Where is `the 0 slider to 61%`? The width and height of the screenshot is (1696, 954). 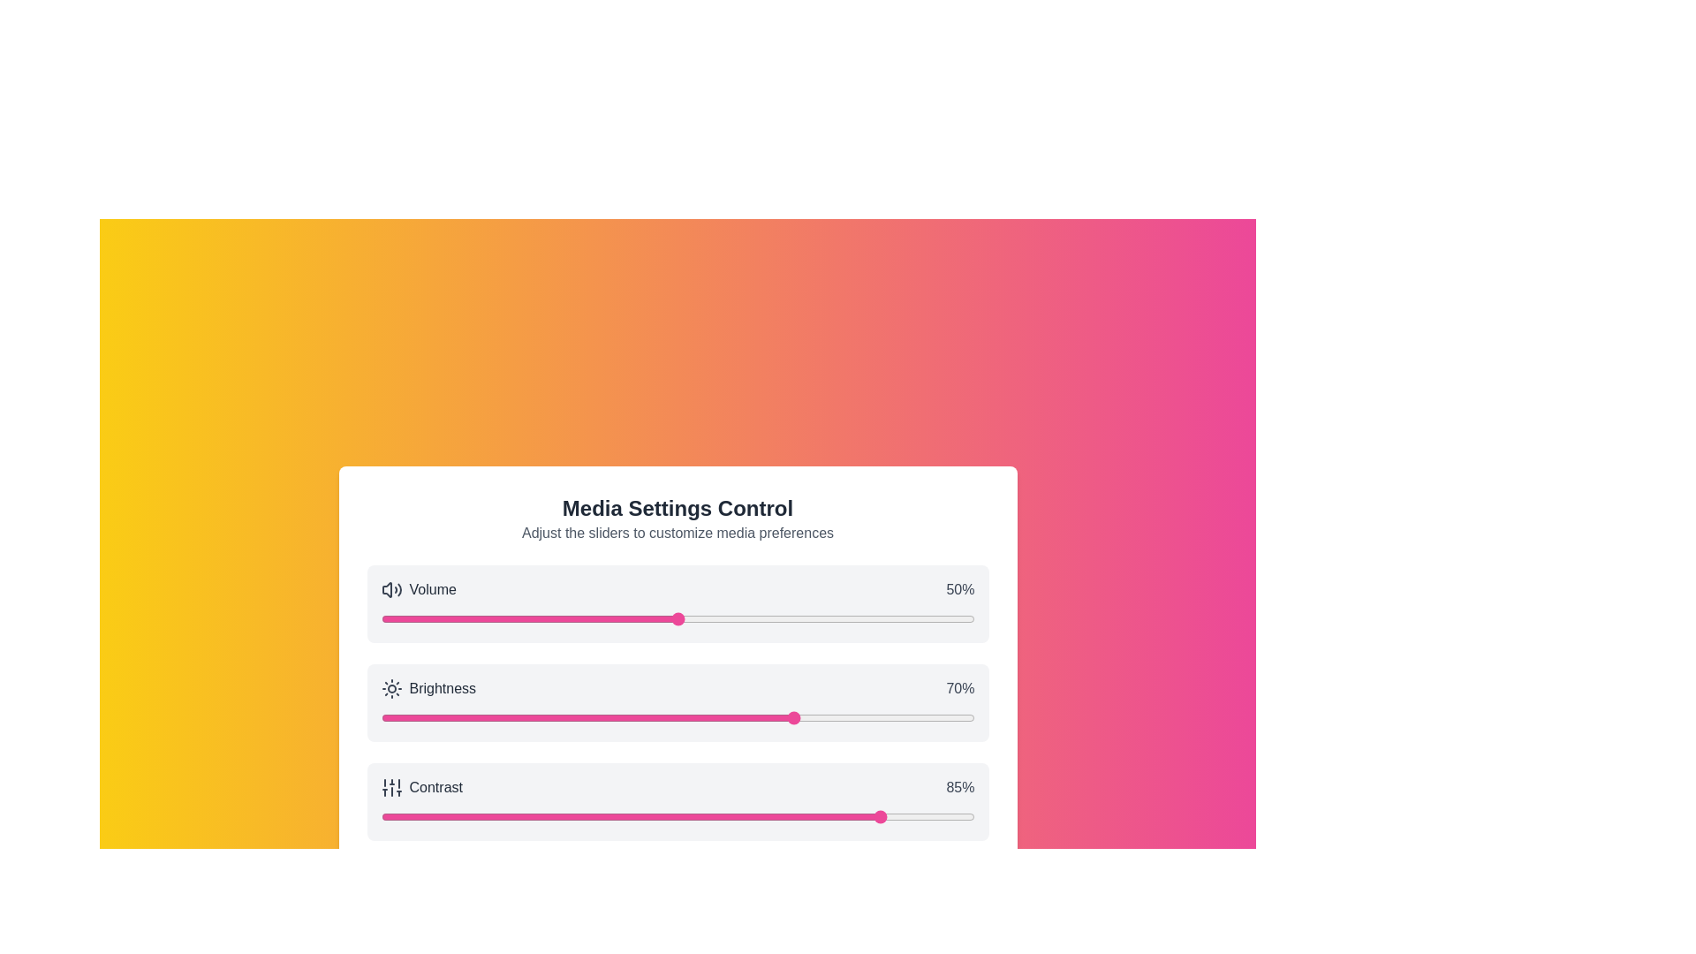
the 0 slider to 61% is located at coordinates (743, 618).